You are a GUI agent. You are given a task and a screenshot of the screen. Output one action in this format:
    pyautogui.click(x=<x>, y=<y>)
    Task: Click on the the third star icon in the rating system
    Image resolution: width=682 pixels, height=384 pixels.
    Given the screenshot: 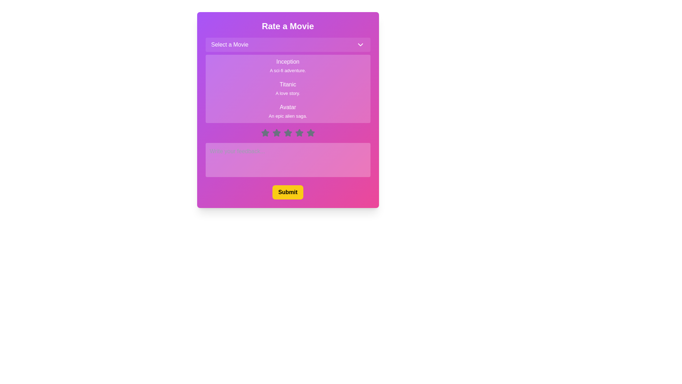 What is the action you would take?
    pyautogui.click(x=288, y=133)
    